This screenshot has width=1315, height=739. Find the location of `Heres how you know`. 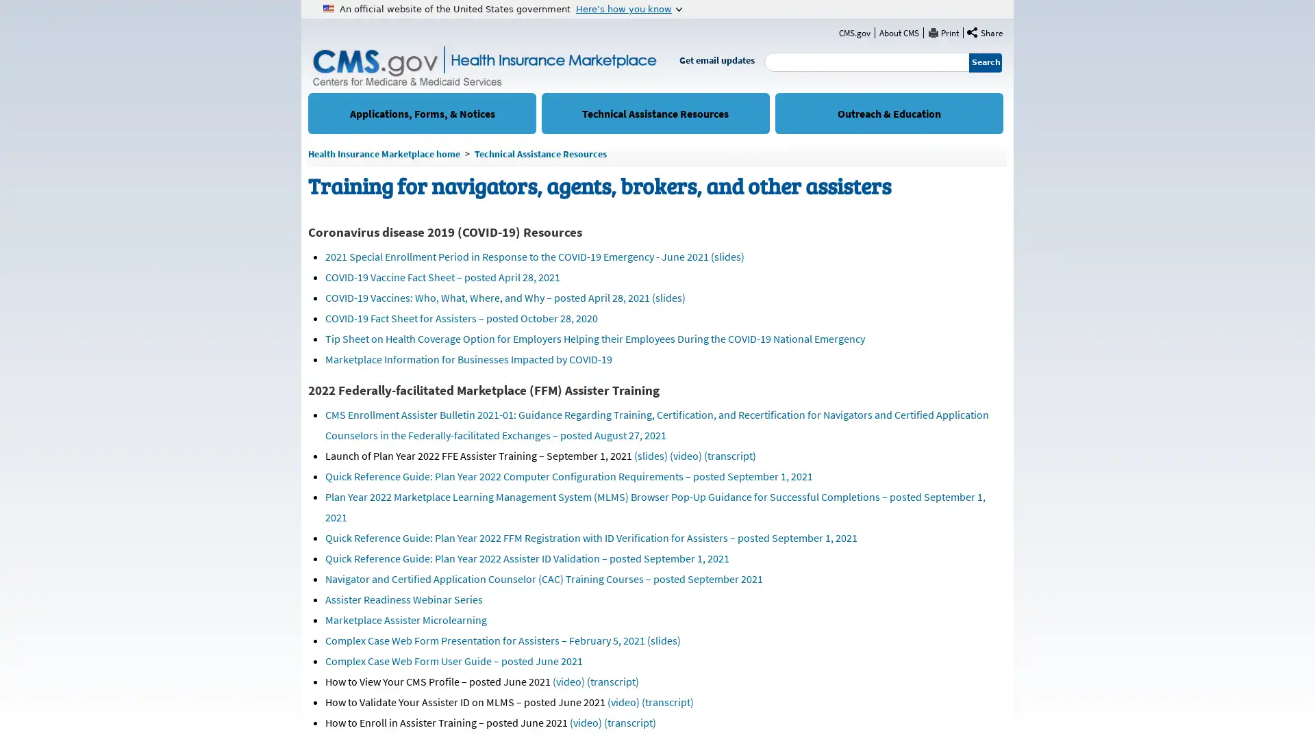

Heres how you know is located at coordinates (628, 8).